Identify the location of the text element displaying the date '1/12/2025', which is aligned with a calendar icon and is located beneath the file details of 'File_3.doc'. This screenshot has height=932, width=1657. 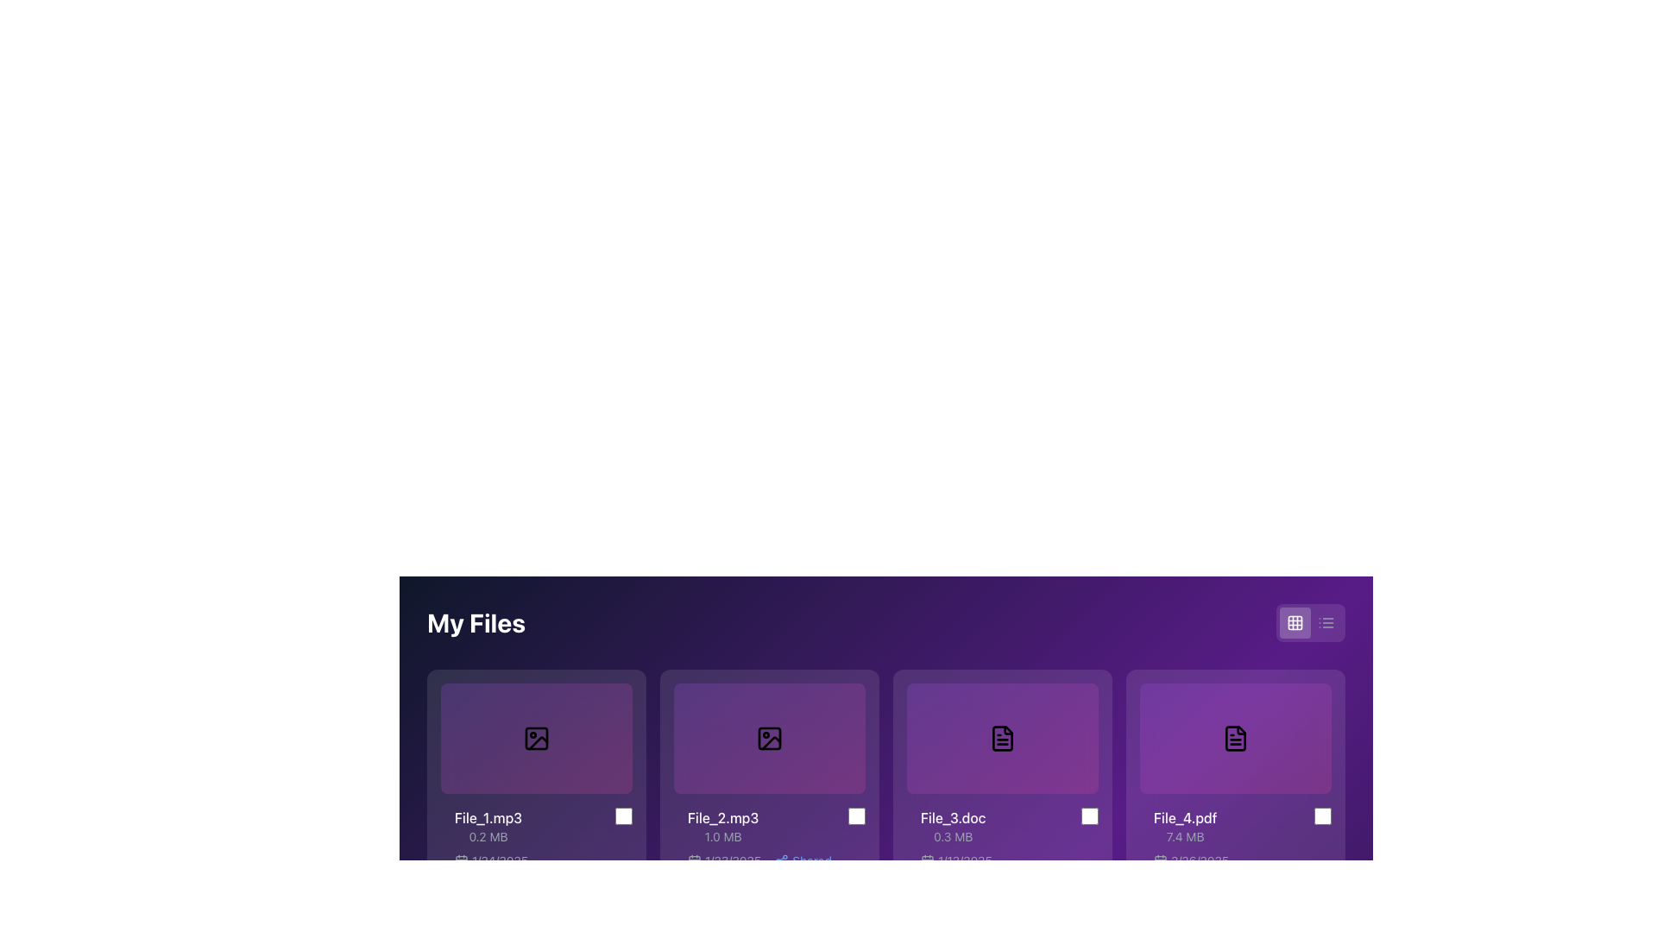
(1010, 861).